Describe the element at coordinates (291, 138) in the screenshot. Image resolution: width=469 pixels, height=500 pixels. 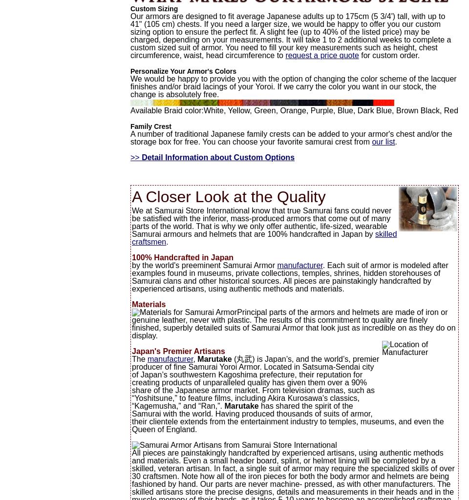
I see `'A number of traditional Japanese family crests can be added to your armor's chest and/or the storage box for free. You can choose your favorite samurai crest from'` at that location.